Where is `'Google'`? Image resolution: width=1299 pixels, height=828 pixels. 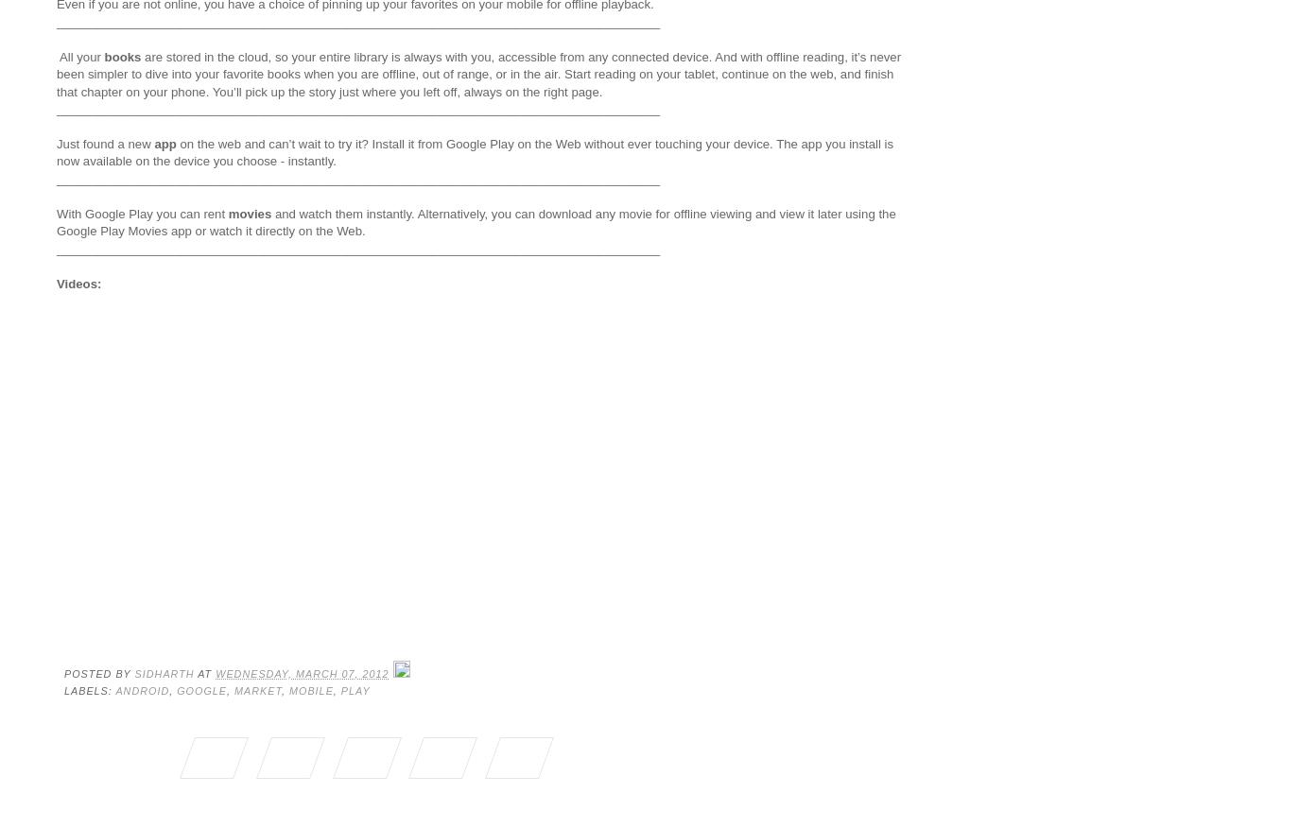
'Google' is located at coordinates (200, 689).